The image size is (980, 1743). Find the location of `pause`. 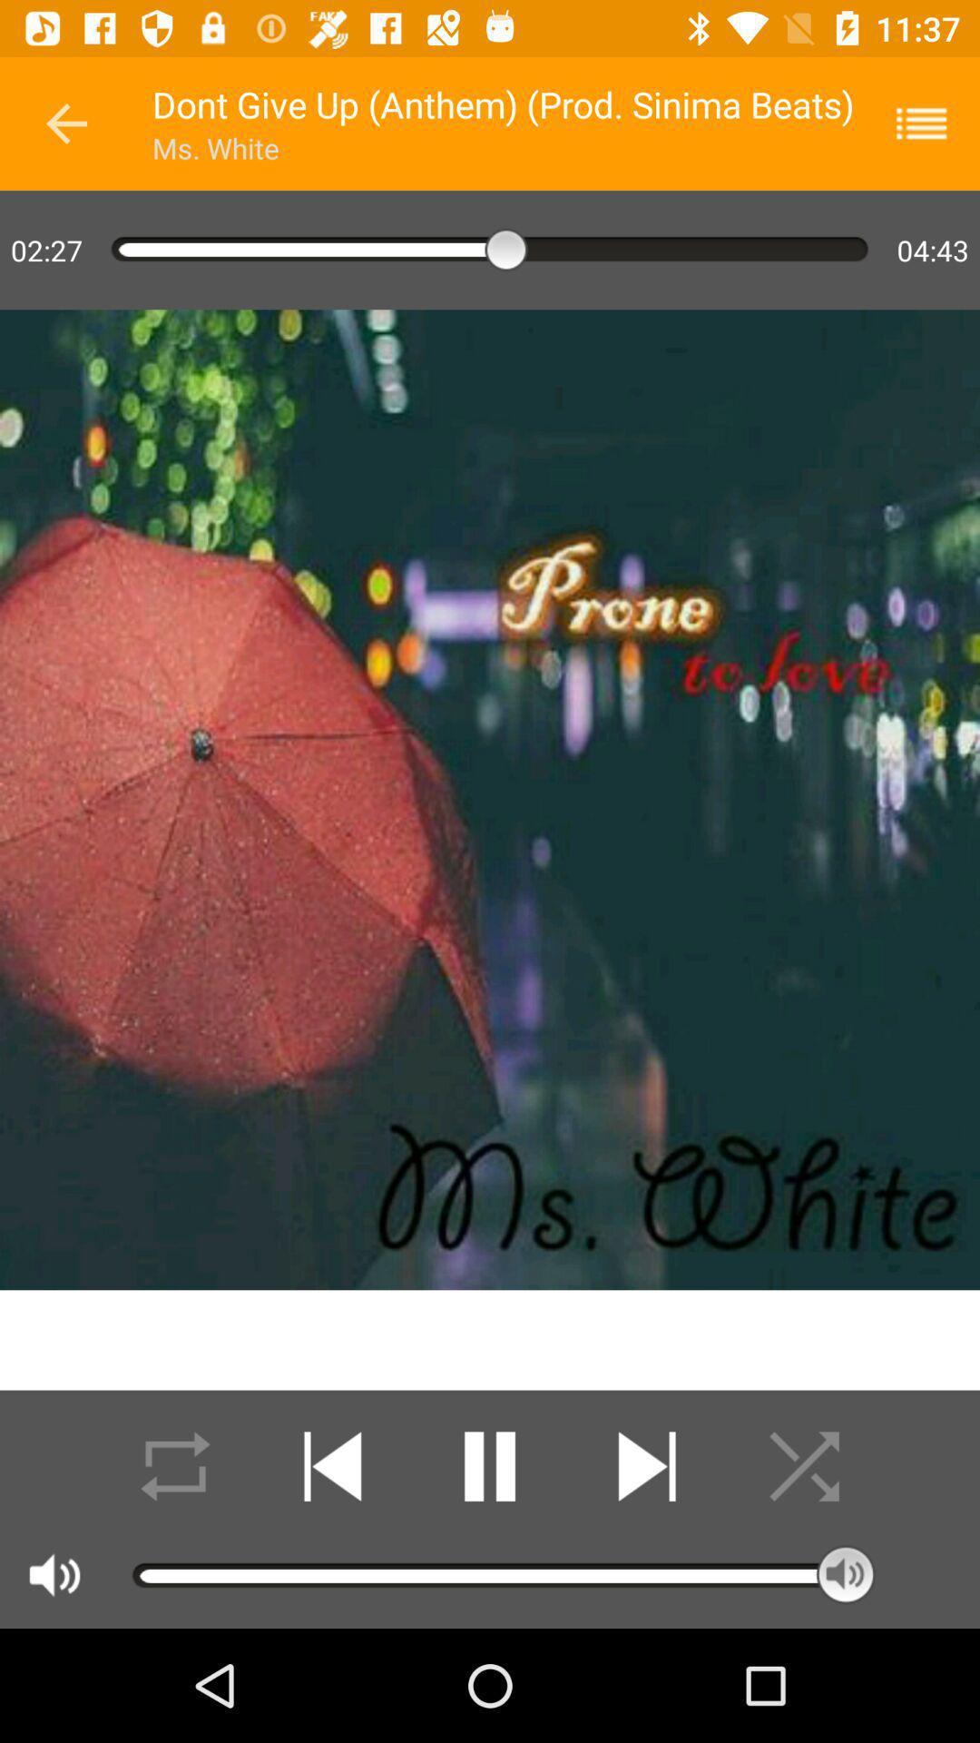

pause is located at coordinates (490, 1466).